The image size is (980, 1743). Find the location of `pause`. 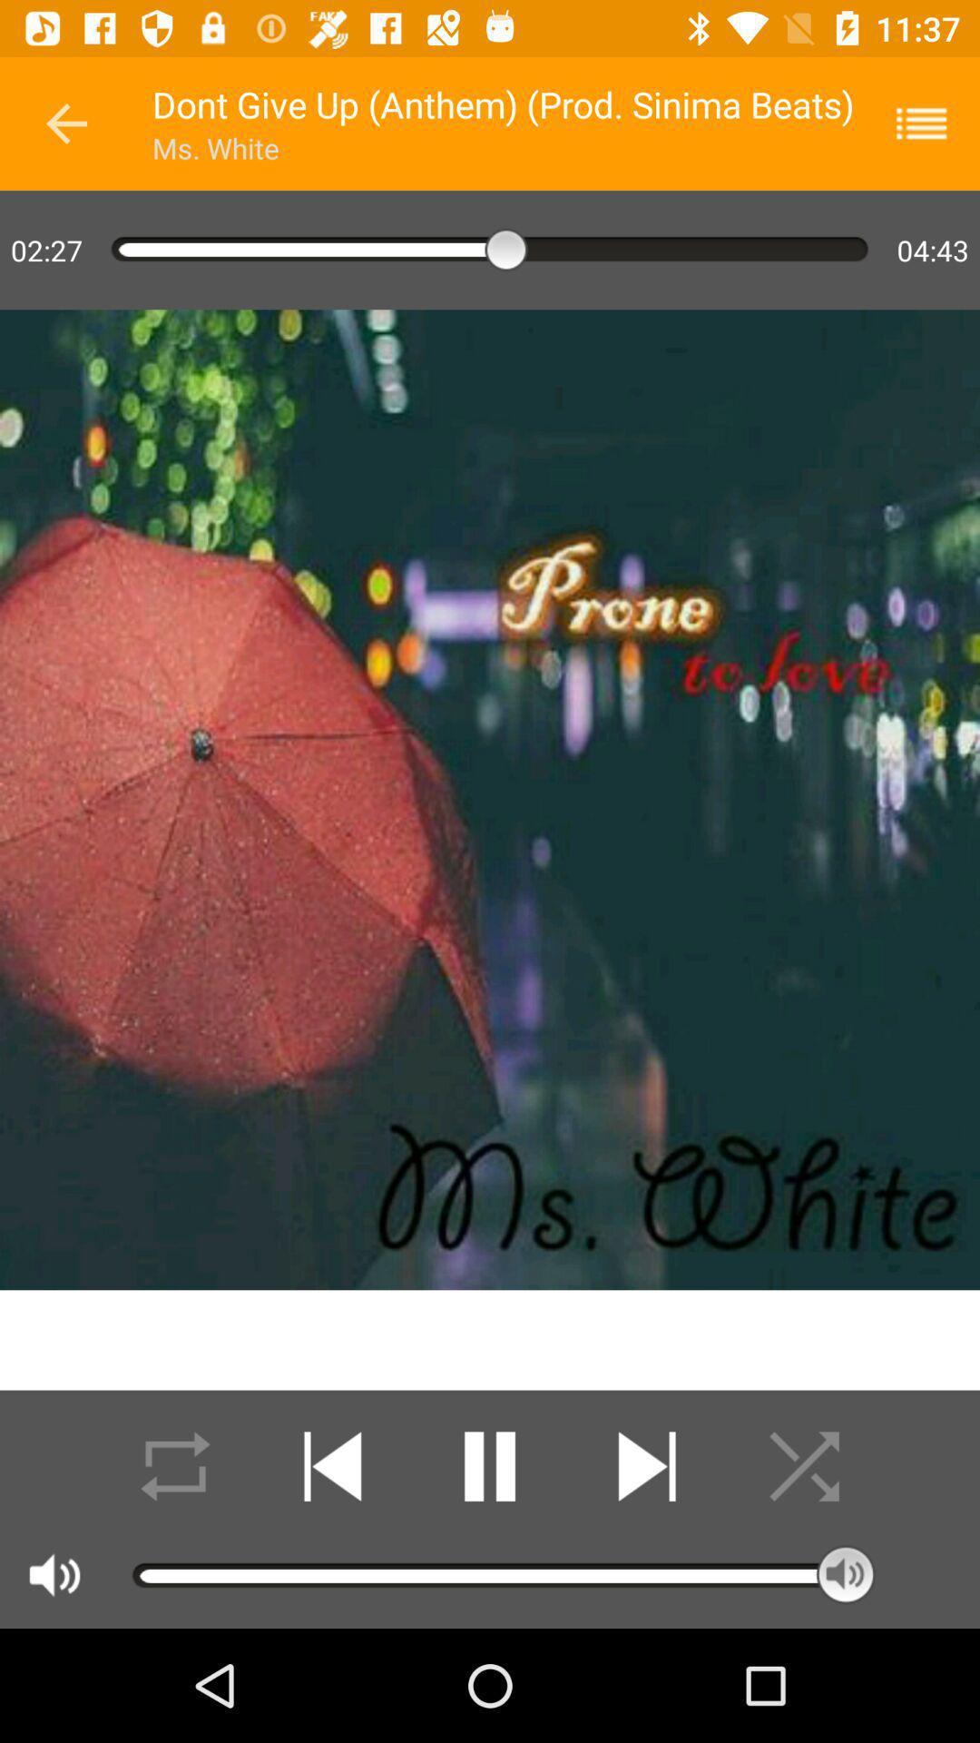

pause is located at coordinates (490, 1466).